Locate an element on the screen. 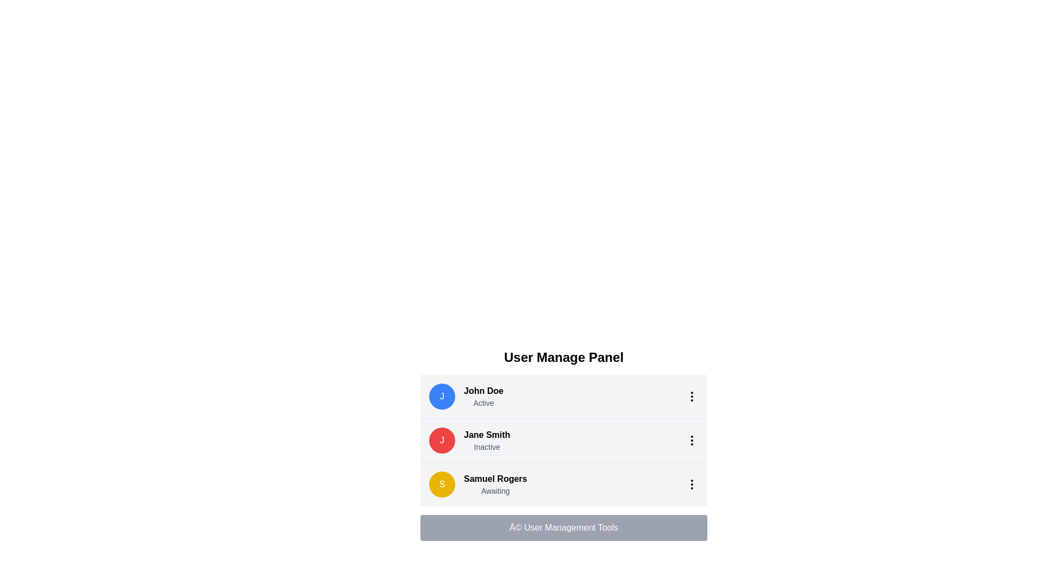 This screenshot has height=586, width=1043. the Text Label displaying the user name 'Samuel Rogers' in the User Management Panel, which is the third entry in the list is located at coordinates (495, 479).